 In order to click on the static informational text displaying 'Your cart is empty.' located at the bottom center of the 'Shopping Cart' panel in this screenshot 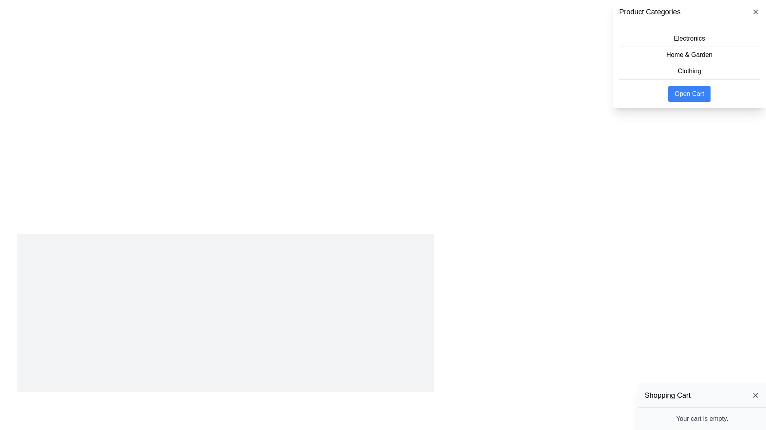, I will do `click(702, 418)`.